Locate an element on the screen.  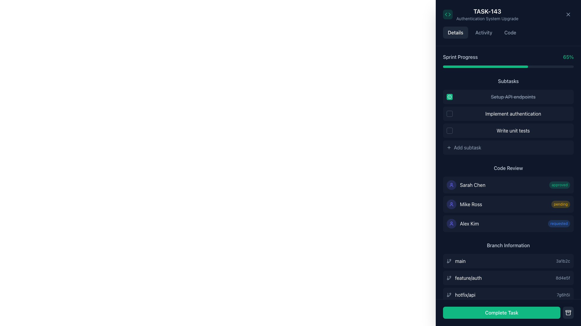
the 'Code' tab button in the task management interface to change its appearance is located at coordinates (510, 33).